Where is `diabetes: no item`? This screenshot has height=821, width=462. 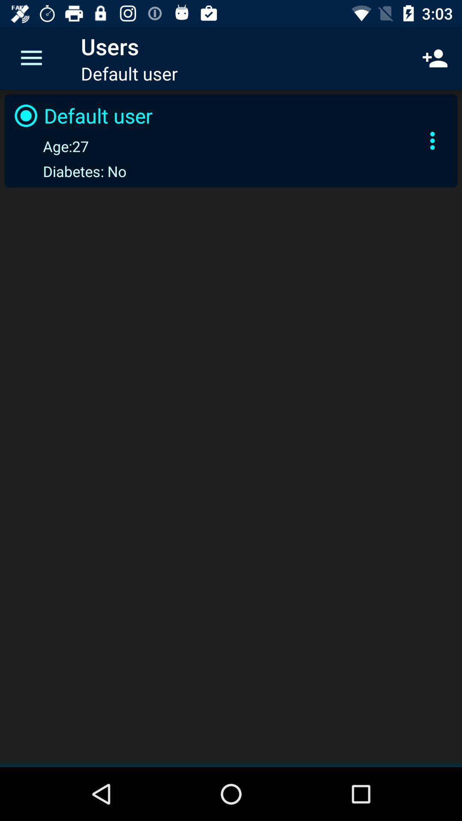
diabetes: no item is located at coordinates (68, 171).